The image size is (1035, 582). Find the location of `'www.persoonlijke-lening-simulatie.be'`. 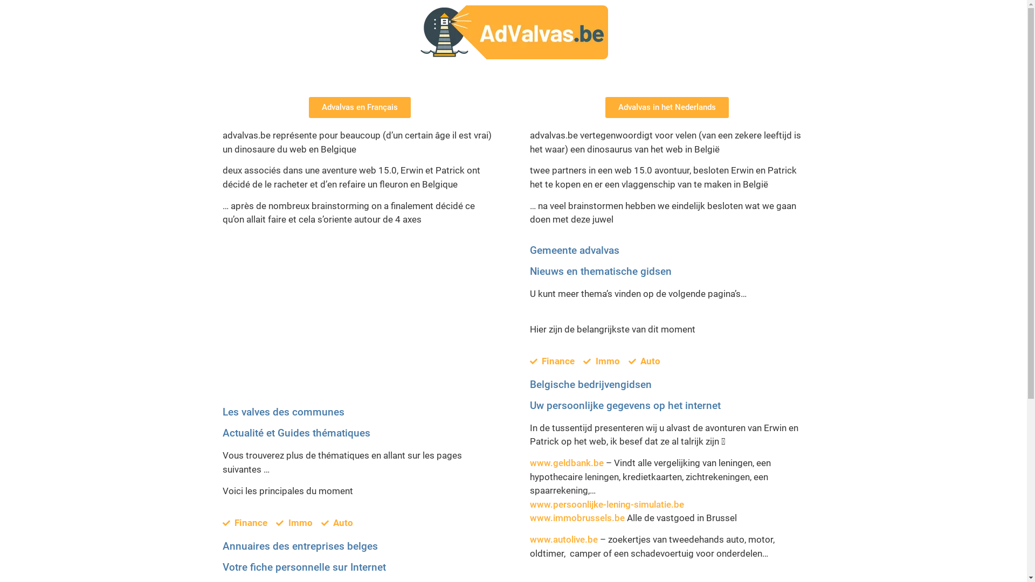

'www.persoonlijke-lening-simulatie.be' is located at coordinates (606, 504).